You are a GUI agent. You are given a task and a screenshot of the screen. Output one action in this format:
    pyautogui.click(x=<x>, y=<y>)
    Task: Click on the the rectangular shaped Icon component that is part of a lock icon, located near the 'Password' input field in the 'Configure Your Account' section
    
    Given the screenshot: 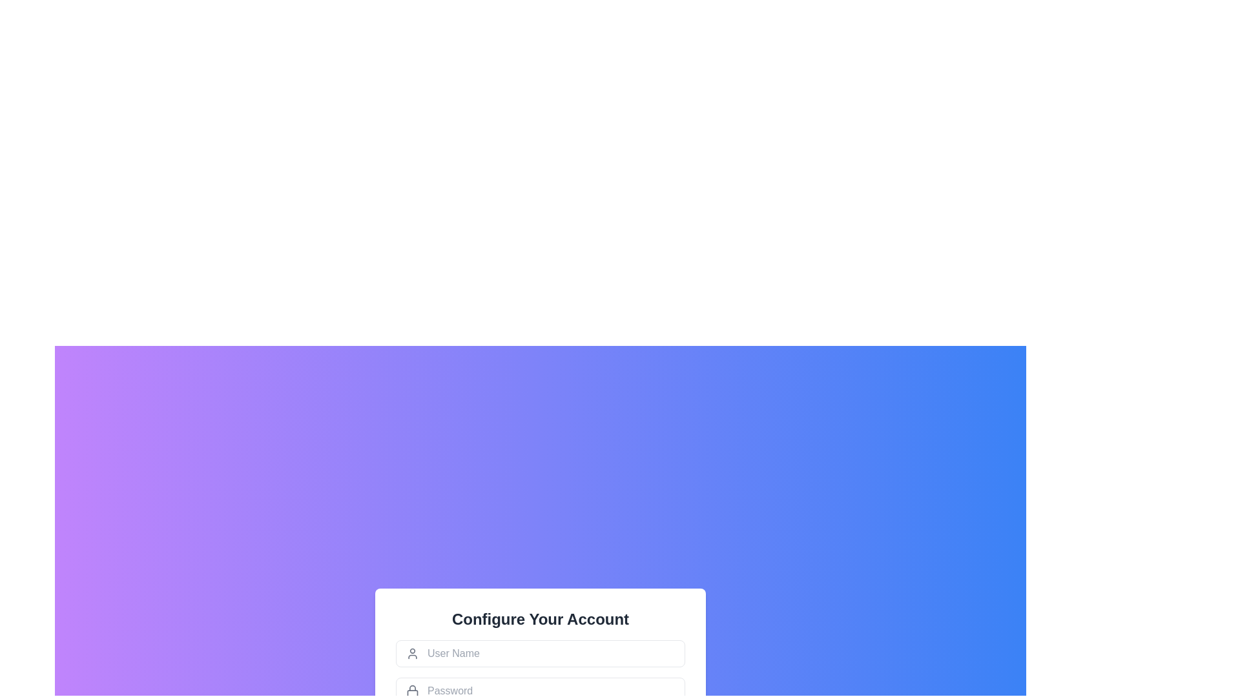 What is the action you would take?
    pyautogui.click(x=411, y=692)
    